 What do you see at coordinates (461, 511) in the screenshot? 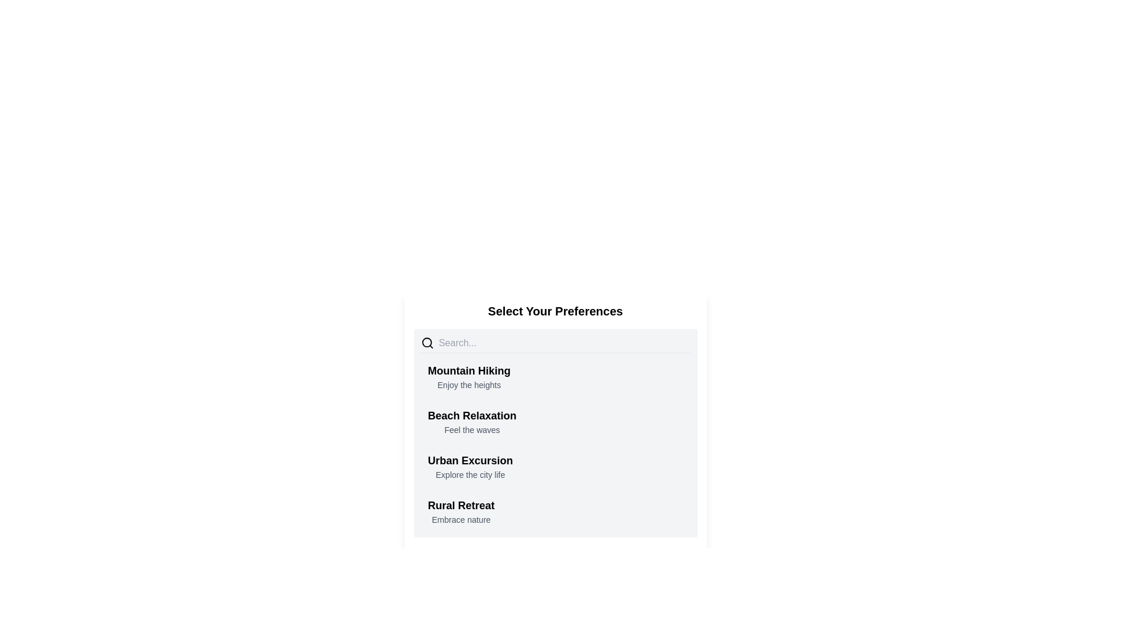
I see `the 'Rural Retreat' option item with descriptive text` at bounding box center [461, 511].